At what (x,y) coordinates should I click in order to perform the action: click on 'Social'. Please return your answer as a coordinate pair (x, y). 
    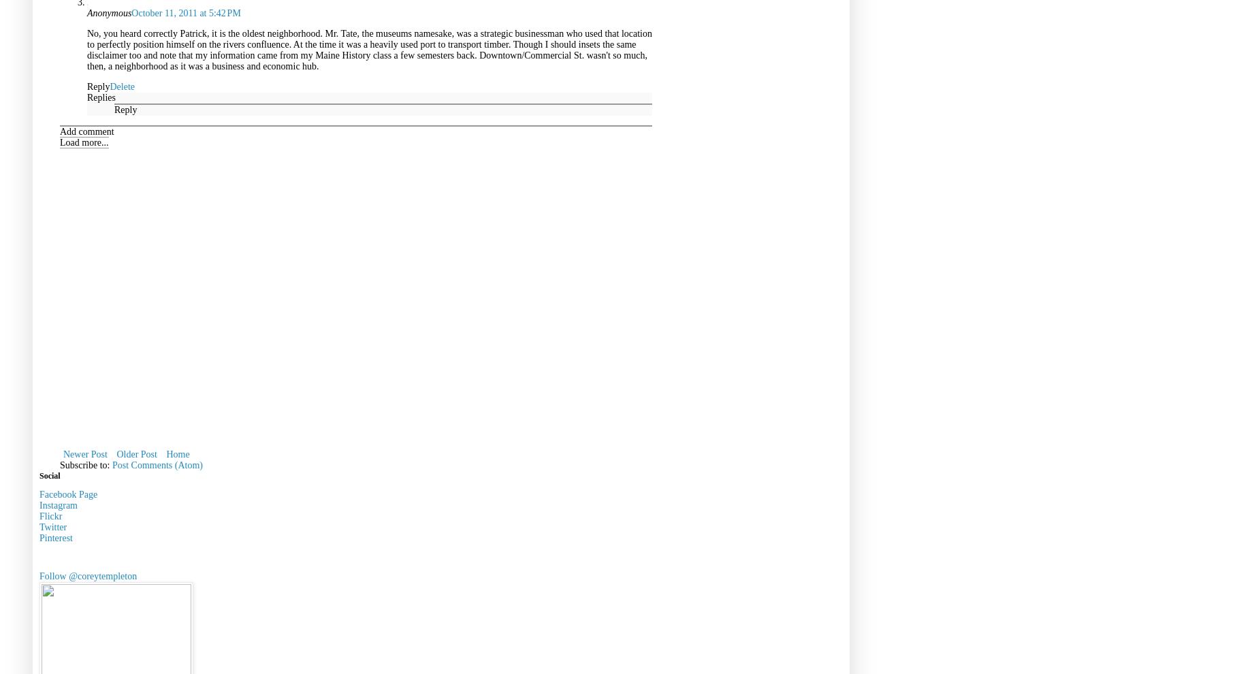
    Looking at the image, I should click on (49, 475).